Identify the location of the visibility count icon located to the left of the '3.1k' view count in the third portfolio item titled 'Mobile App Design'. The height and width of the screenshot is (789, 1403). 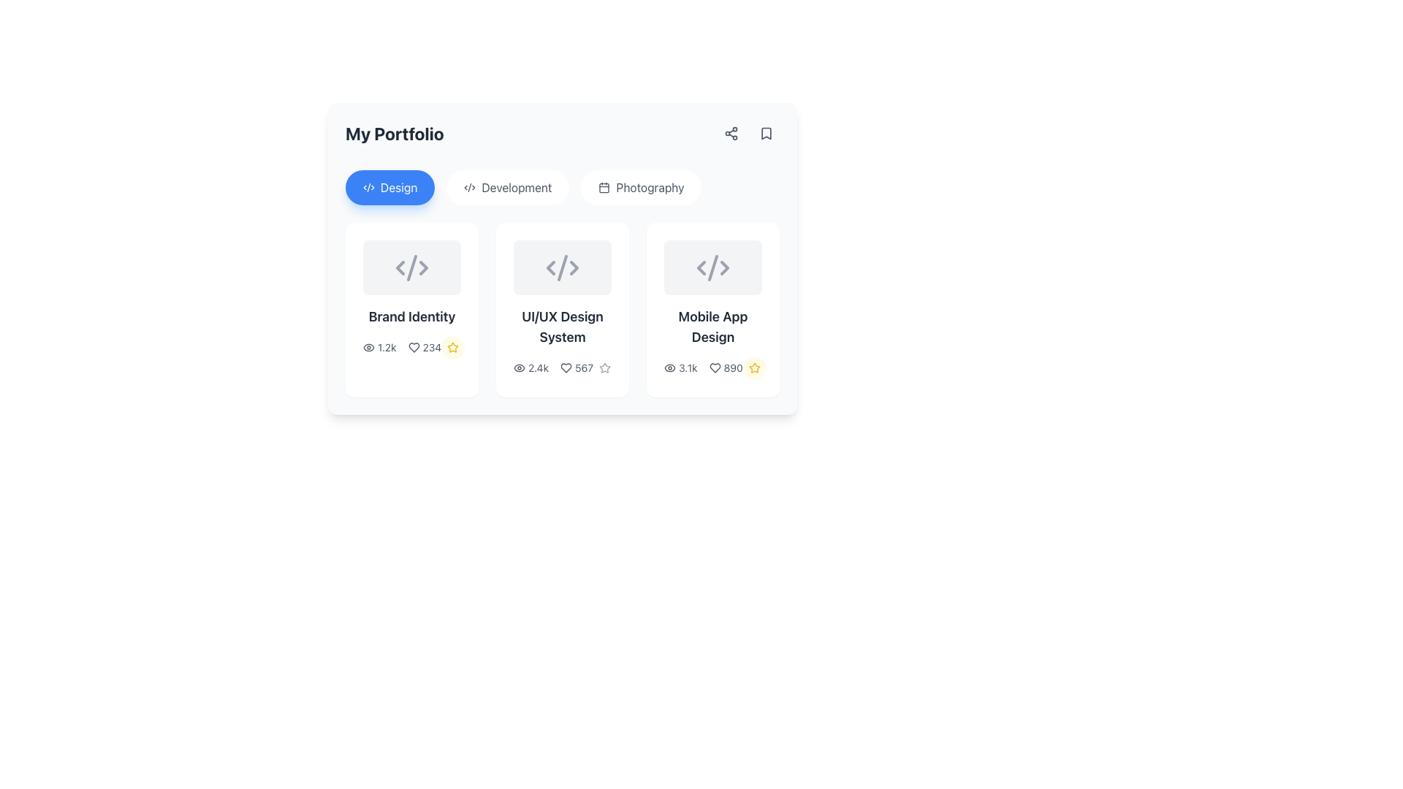
(669, 367).